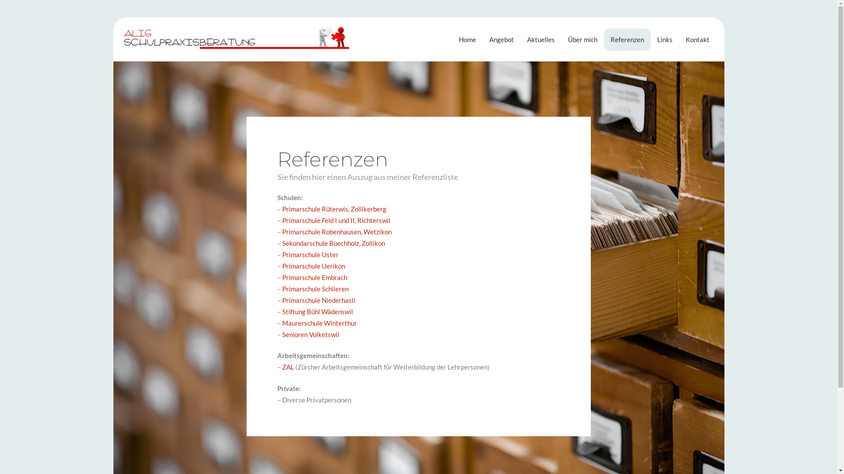 The width and height of the screenshot is (844, 474). Describe the element at coordinates (313, 265) in the screenshot. I see `'Primarschule Uerikon'` at that location.